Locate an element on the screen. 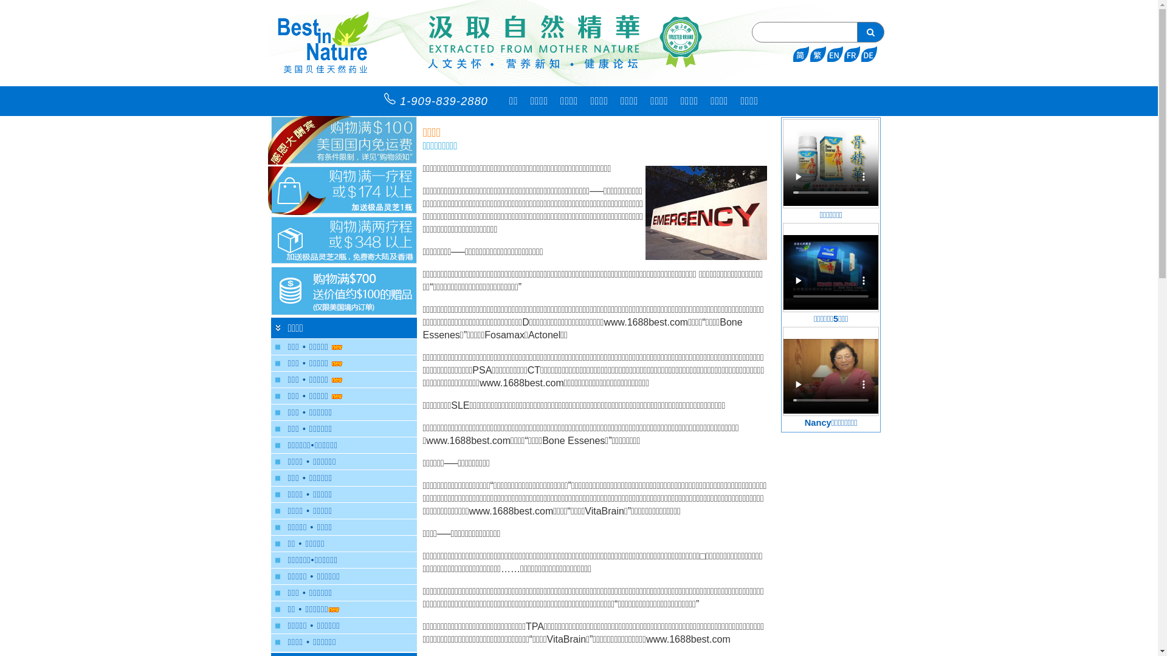 This screenshot has height=656, width=1167. '1-909-839-2880' is located at coordinates (439, 100).